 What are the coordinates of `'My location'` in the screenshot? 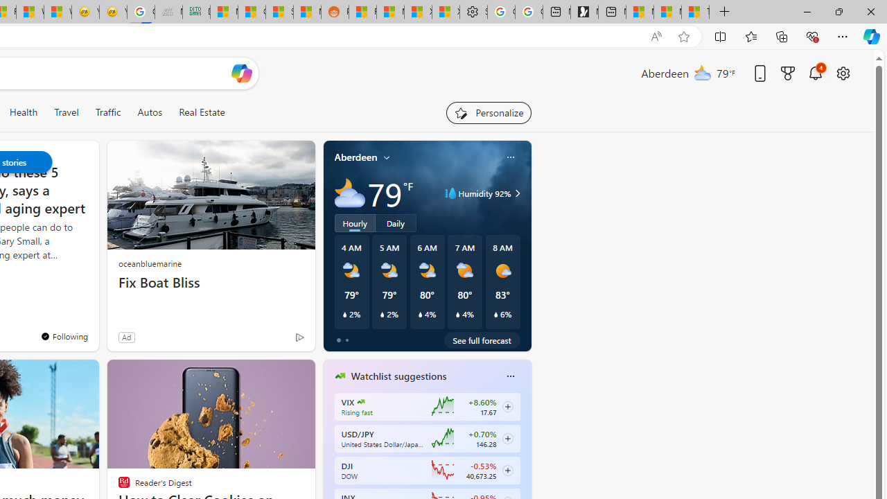 It's located at (387, 157).